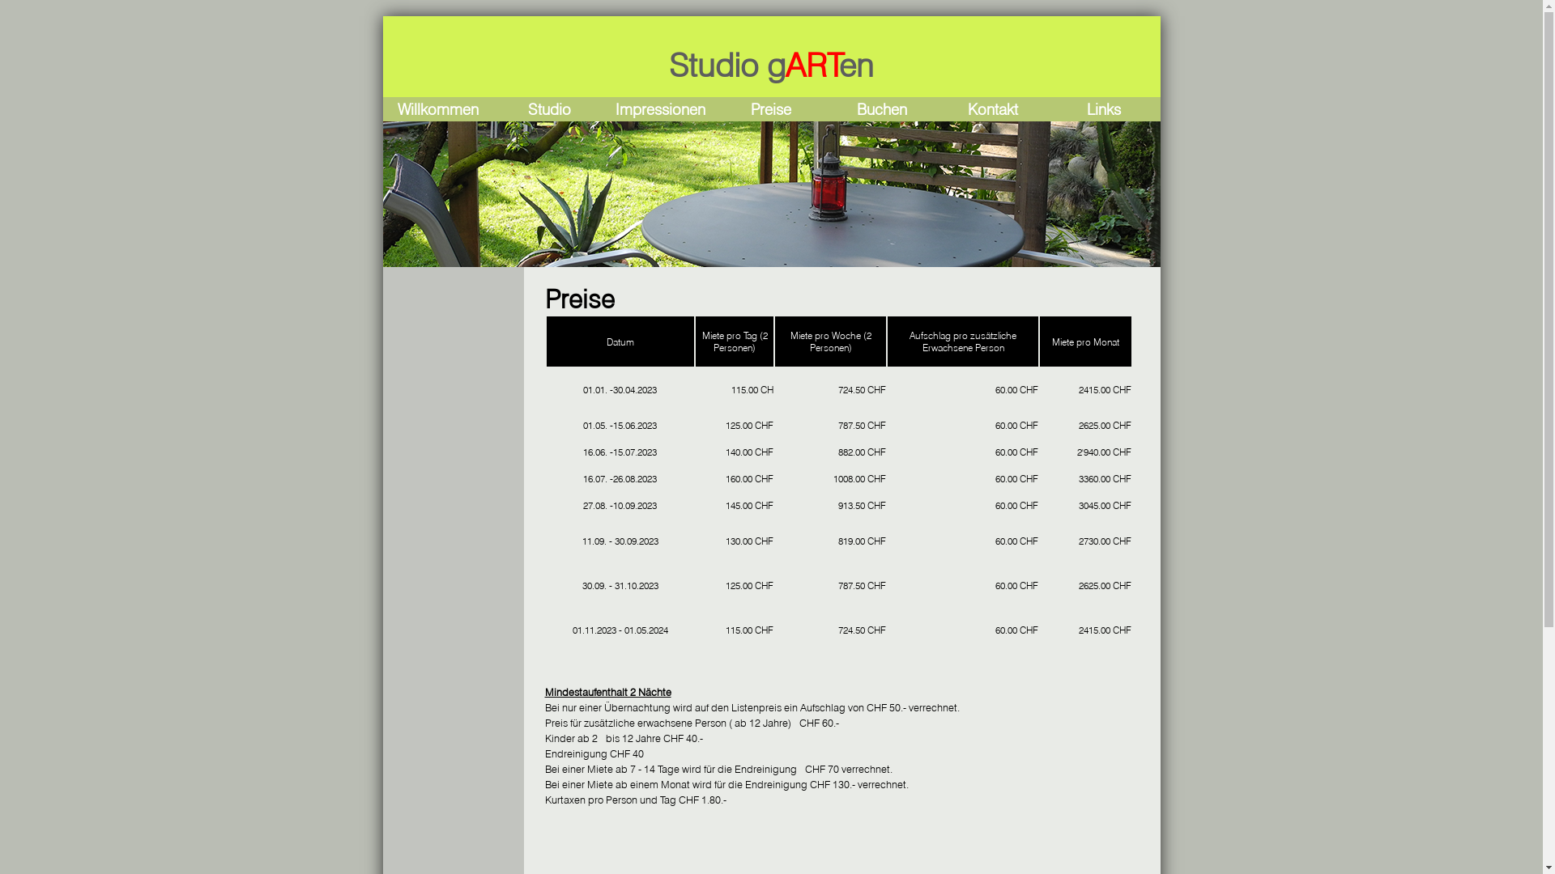 The image size is (1555, 874). Describe the element at coordinates (991, 109) in the screenshot. I see `'Kontakt'` at that location.